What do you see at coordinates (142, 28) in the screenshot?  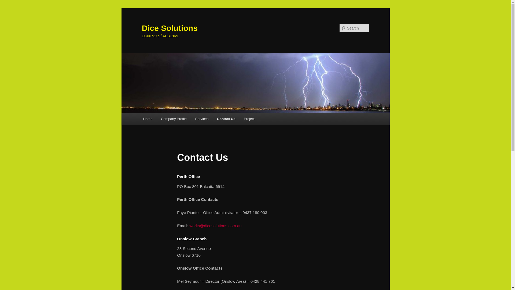 I see `'Dice Solutions'` at bounding box center [142, 28].